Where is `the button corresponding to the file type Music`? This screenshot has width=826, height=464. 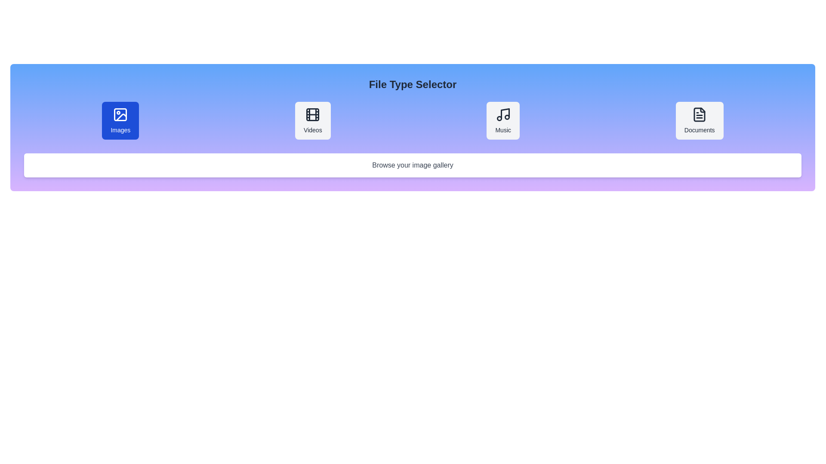 the button corresponding to the file type Music is located at coordinates (503, 121).